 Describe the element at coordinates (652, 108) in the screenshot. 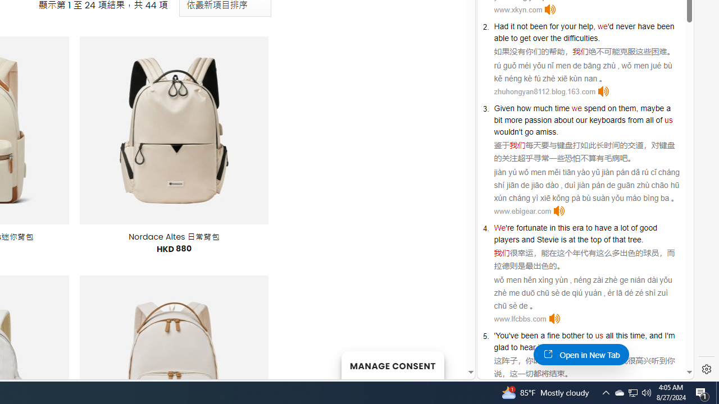

I see `'maybe'` at that location.